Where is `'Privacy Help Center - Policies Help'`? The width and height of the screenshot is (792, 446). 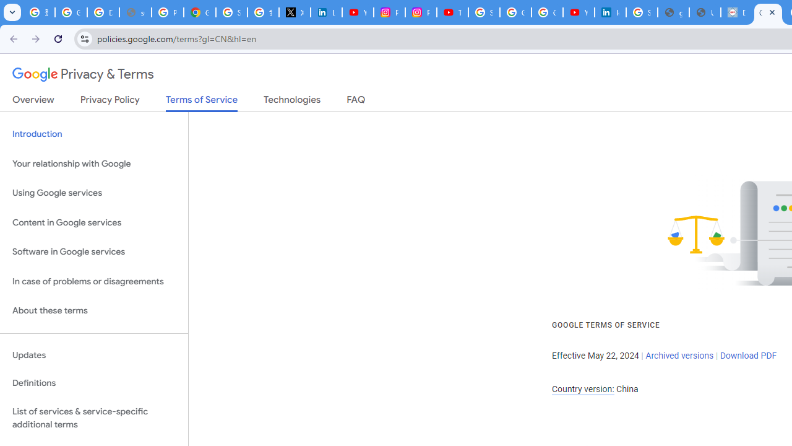
'Privacy Help Center - Policies Help' is located at coordinates (166, 12).